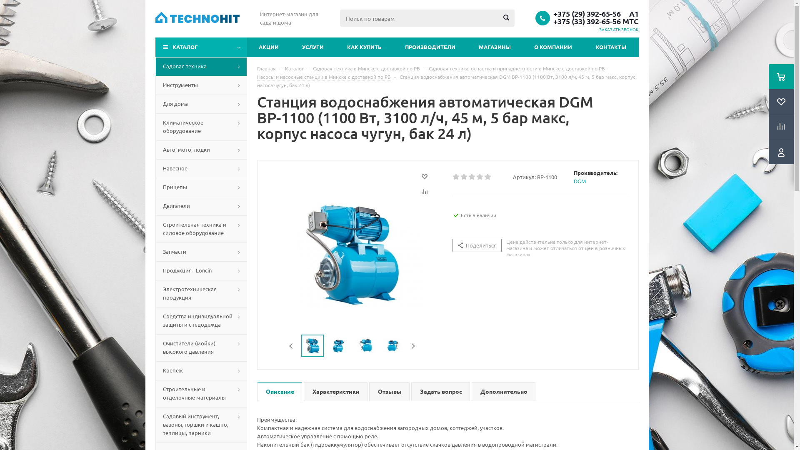 Image resolution: width=800 pixels, height=450 pixels. I want to click on '1', so click(456, 176).